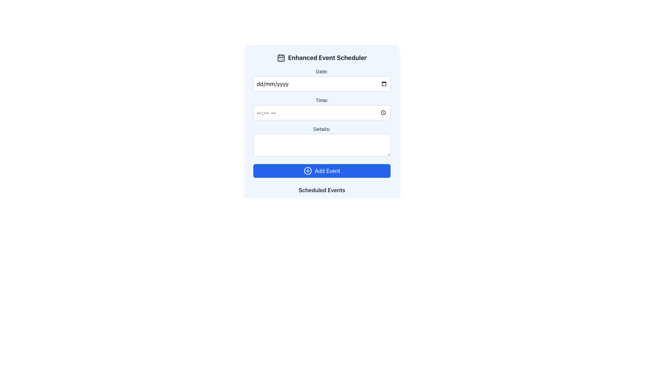 The height and width of the screenshot is (370, 659). Describe the element at coordinates (281, 58) in the screenshot. I see `the calendar icon located at the top center of the application interface, adjacent to the left of the 'Enhanced Event Scheduler' title, which symbolizes event scheduling and date selection` at that location.